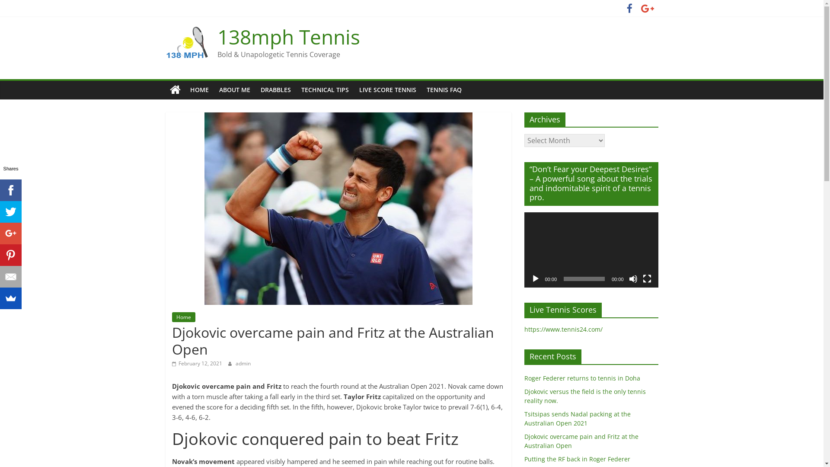 Image resolution: width=830 pixels, height=467 pixels. I want to click on 'February 12, 2021', so click(197, 363).